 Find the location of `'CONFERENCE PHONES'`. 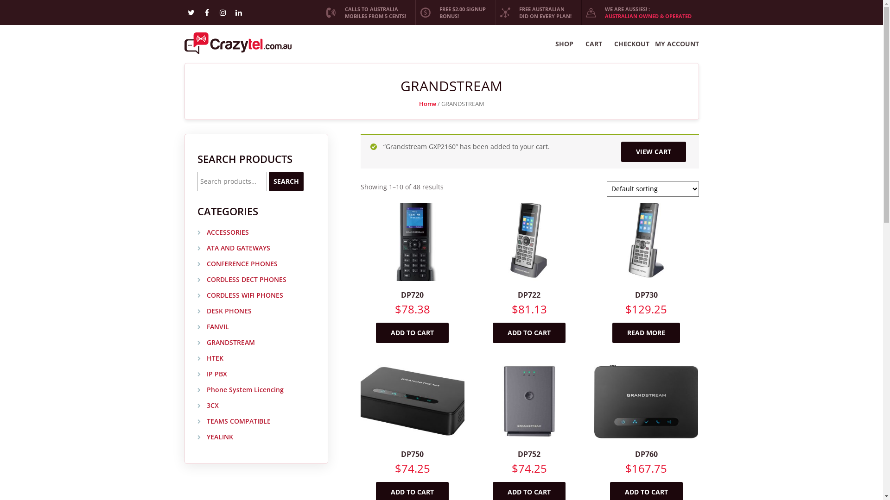

'CONFERENCE PHONES' is located at coordinates (237, 264).